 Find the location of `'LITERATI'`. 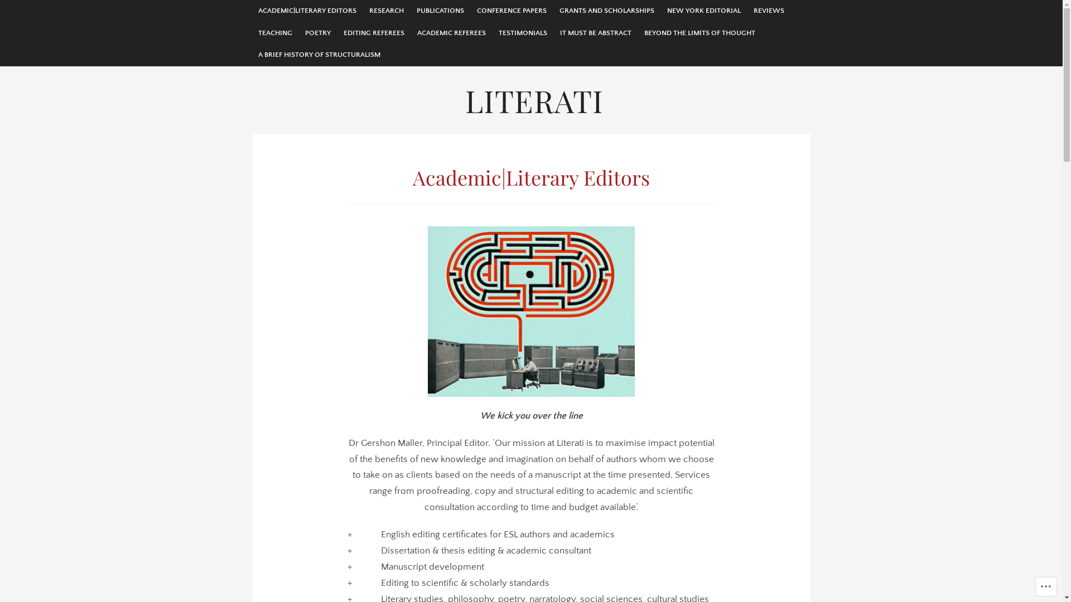

'LITERATI' is located at coordinates (534, 99).